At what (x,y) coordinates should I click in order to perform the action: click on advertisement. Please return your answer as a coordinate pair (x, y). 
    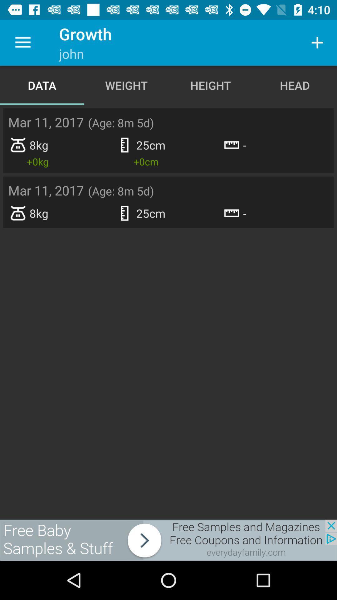
    Looking at the image, I should click on (168, 540).